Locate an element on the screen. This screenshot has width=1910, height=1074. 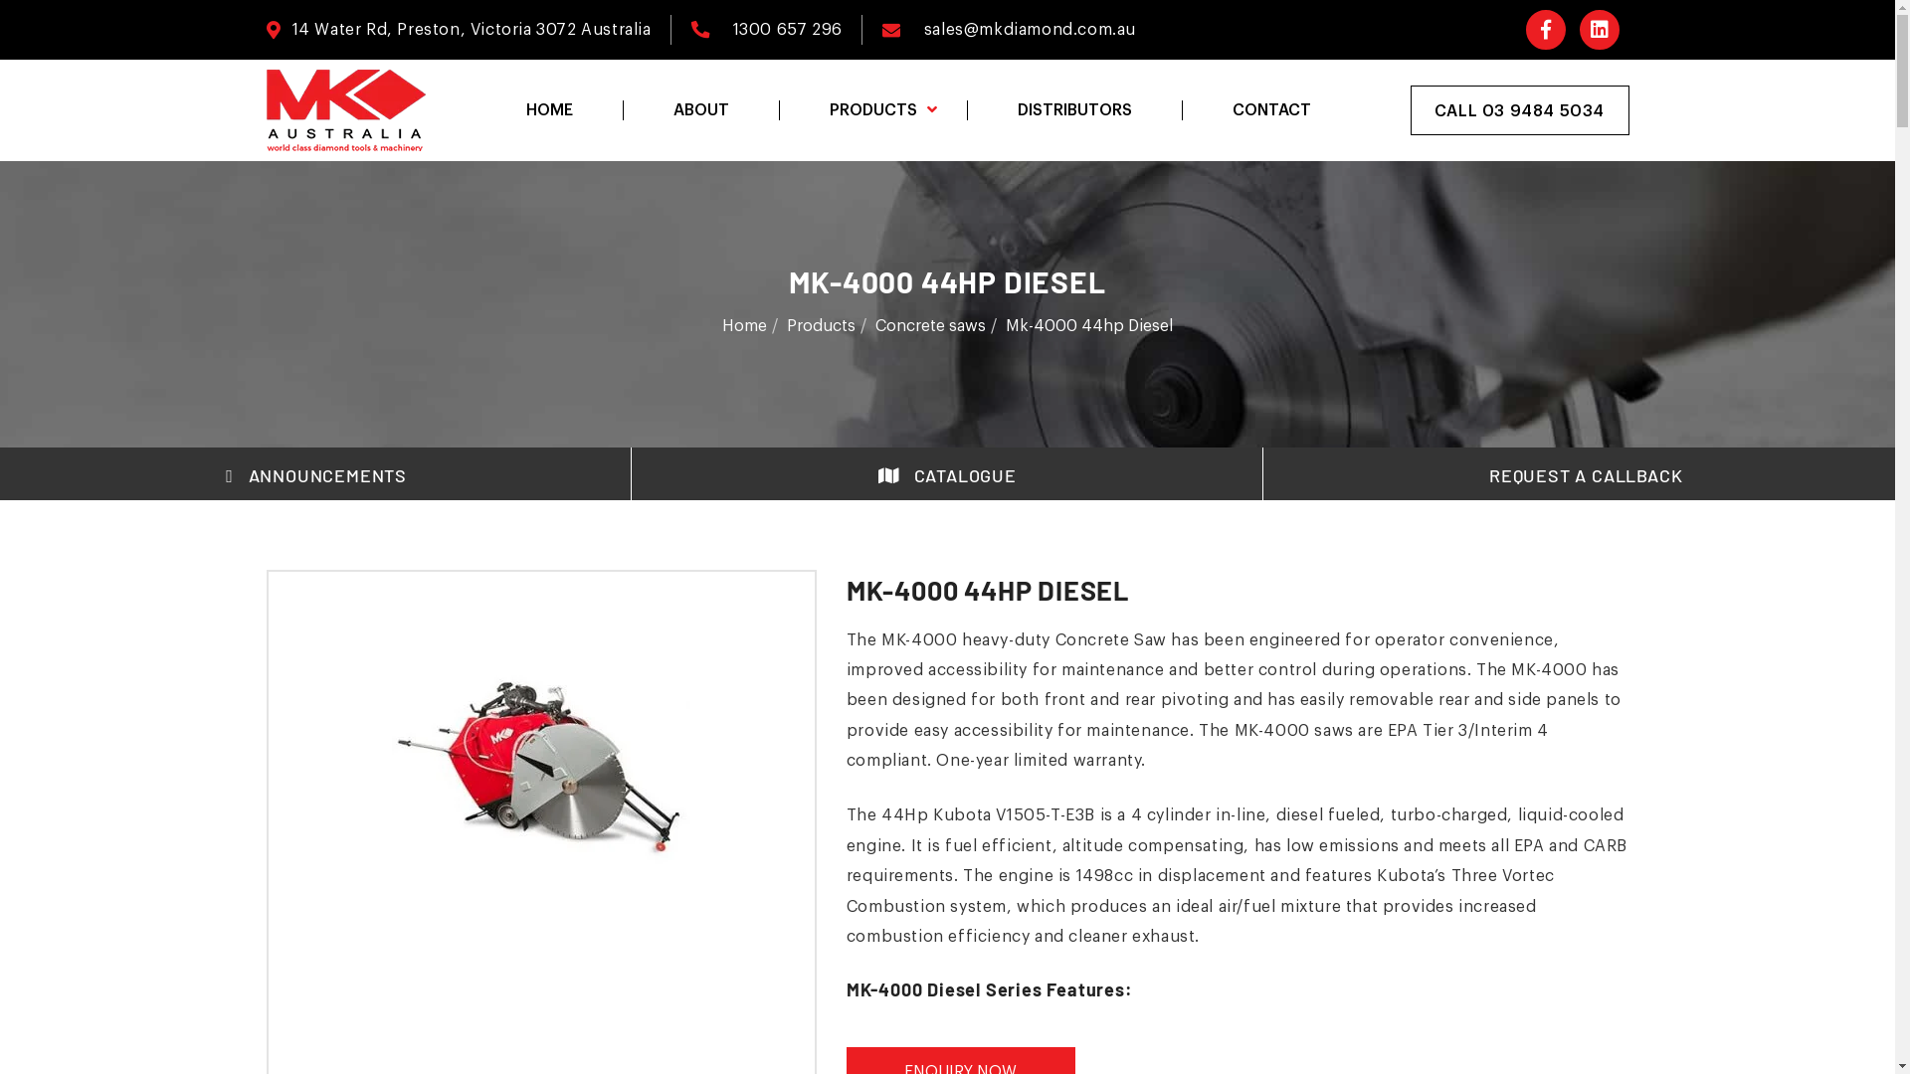
'Products' is located at coordinates (786, 324).